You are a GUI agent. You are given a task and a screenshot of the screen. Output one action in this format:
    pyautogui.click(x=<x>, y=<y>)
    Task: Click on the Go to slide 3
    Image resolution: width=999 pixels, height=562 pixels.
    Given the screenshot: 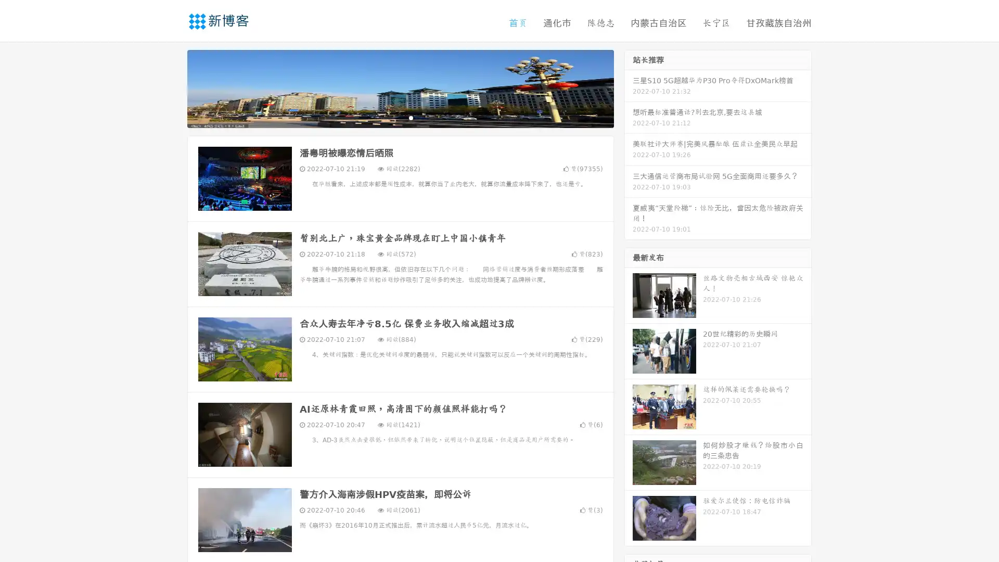 What is the action you would take?
    pyautogui.click(x=411, y=117)
    